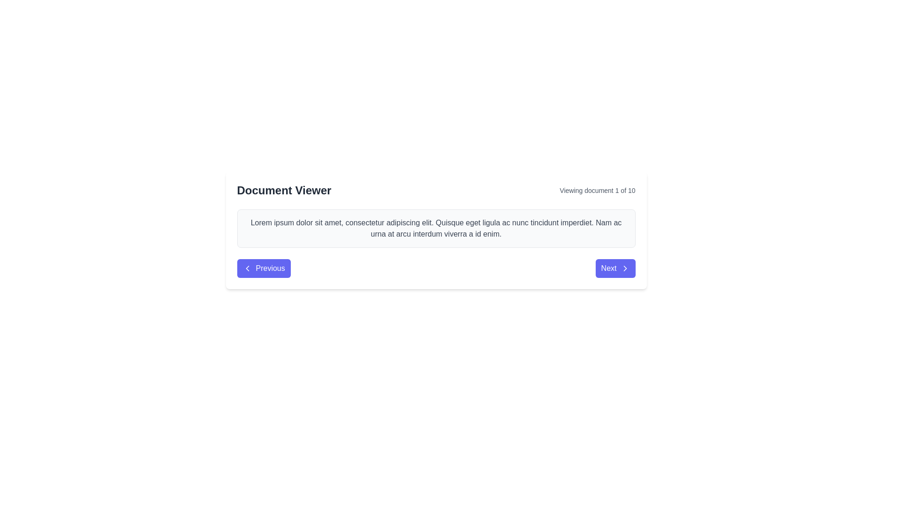  I want to click on the bold and large text heading element displaying 'Document Viewer' in dark gray located at the top-left corner of the interface, so click(283, 190).